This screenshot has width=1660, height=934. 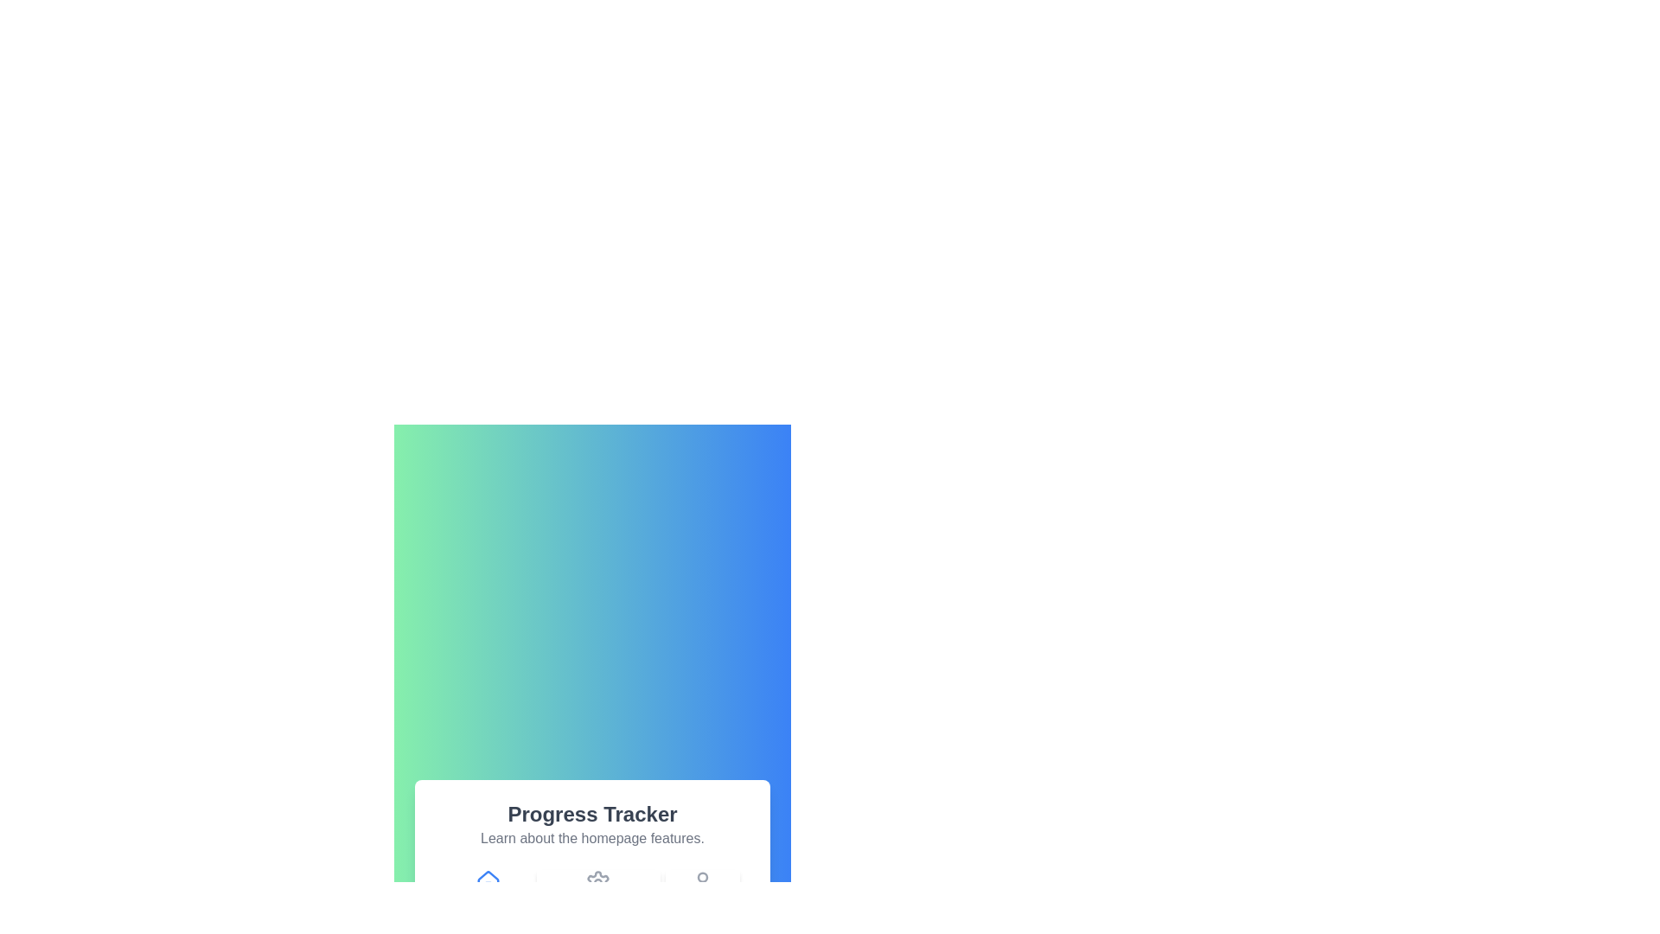 I want to click on the icon of the step labeled Settings Customization to navigate to that step, so click(x=598, y=894).